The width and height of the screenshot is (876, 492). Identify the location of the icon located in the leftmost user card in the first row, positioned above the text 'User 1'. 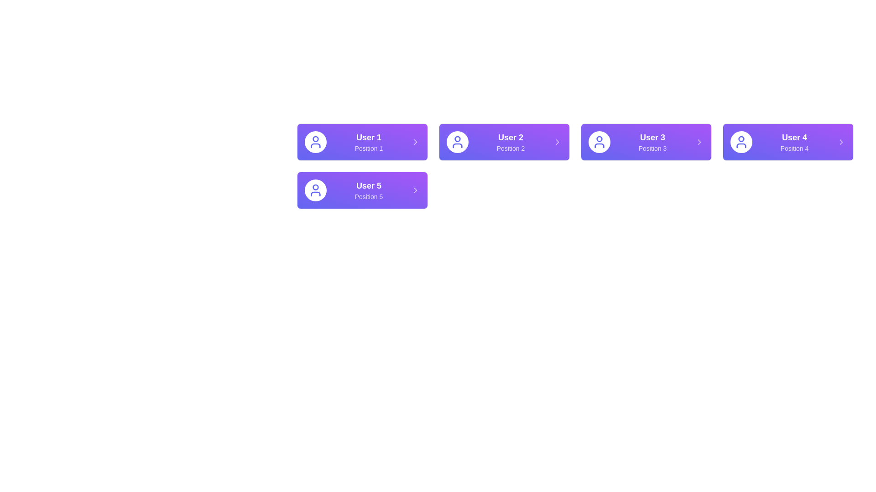
(315, 142).